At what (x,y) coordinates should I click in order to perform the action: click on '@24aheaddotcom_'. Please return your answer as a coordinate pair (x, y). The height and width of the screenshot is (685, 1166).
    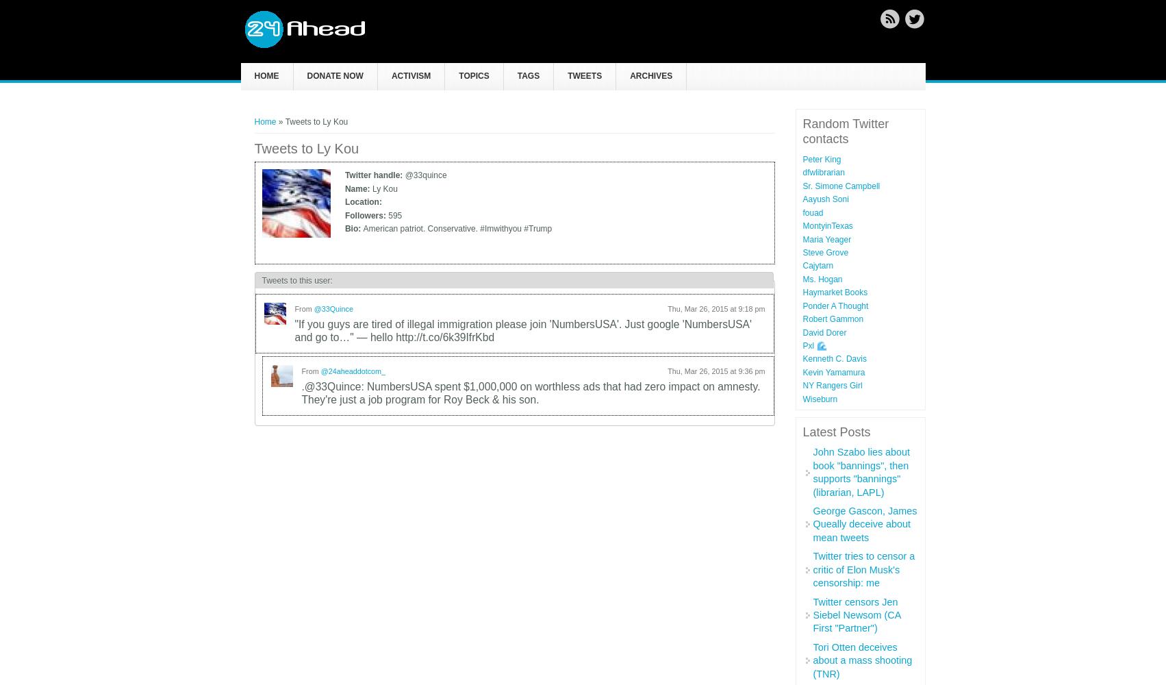
    Looking at the image, I should click on (320, 371).